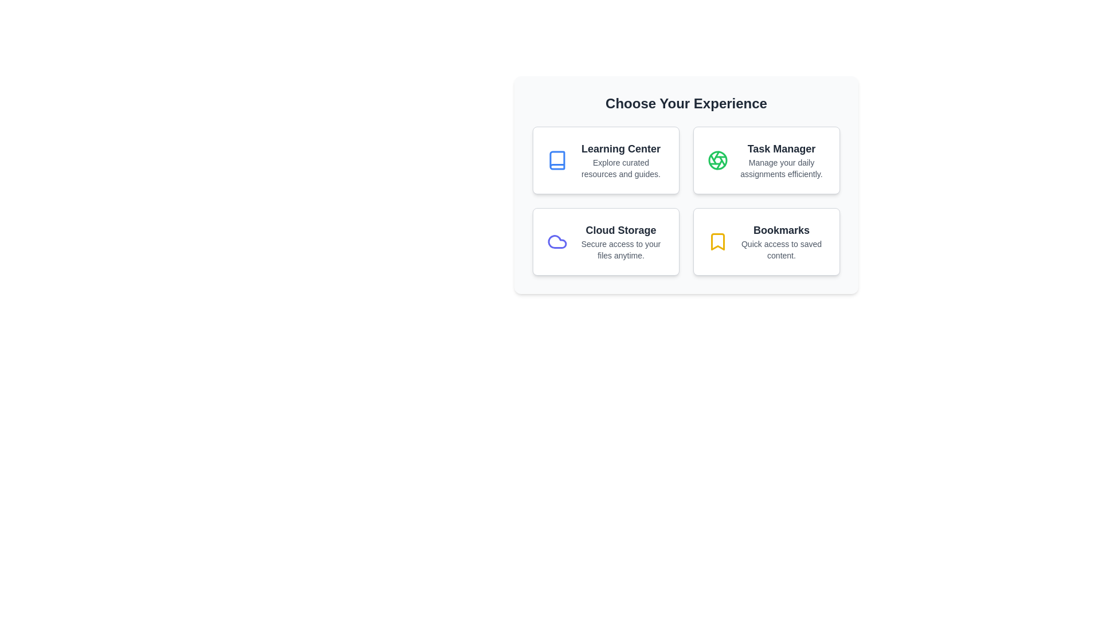 The image size is (1101, 619). Describe the element at coordinates (620, 249) in the screenshot. I see `the subtitle or tagline text located below the 'Cloud Storage' heading in the bottom left quadrant of the card layout` at that location.